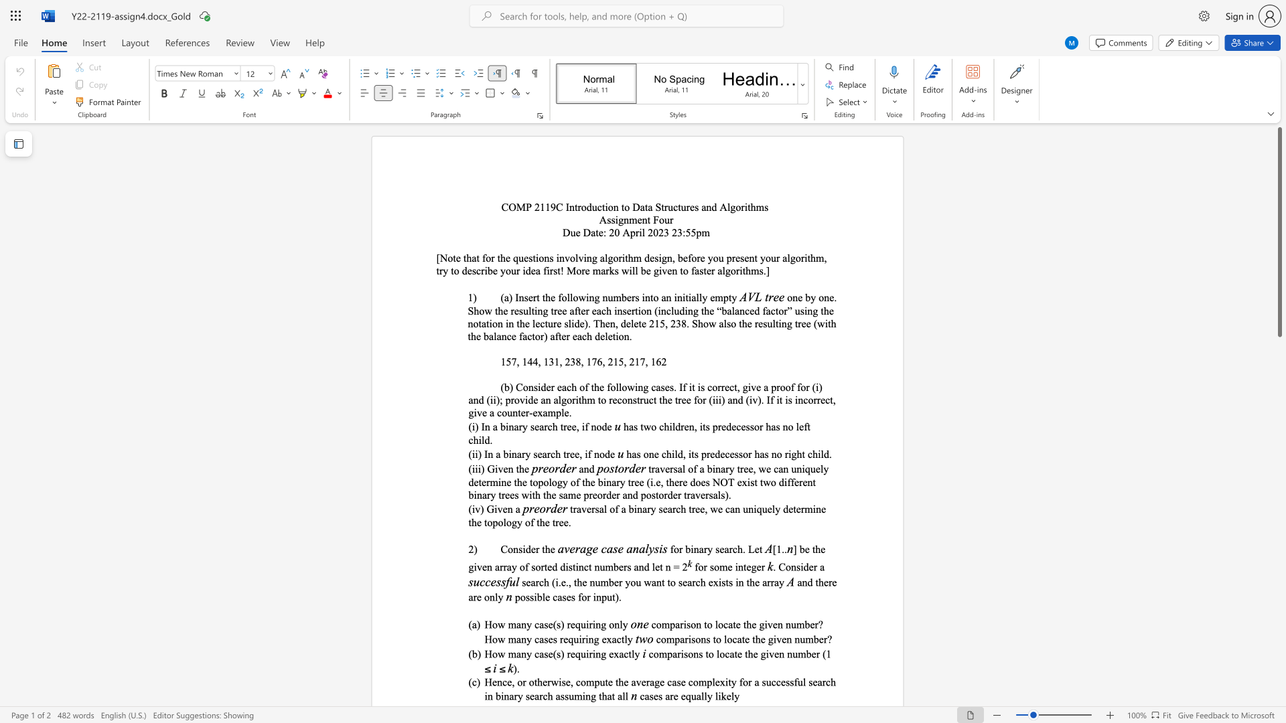 This screenshot has width=1286, height=723. Describe the element at coordinates (1279, 629) in the screenshot. I see `the scrollbar on the side` at that location.